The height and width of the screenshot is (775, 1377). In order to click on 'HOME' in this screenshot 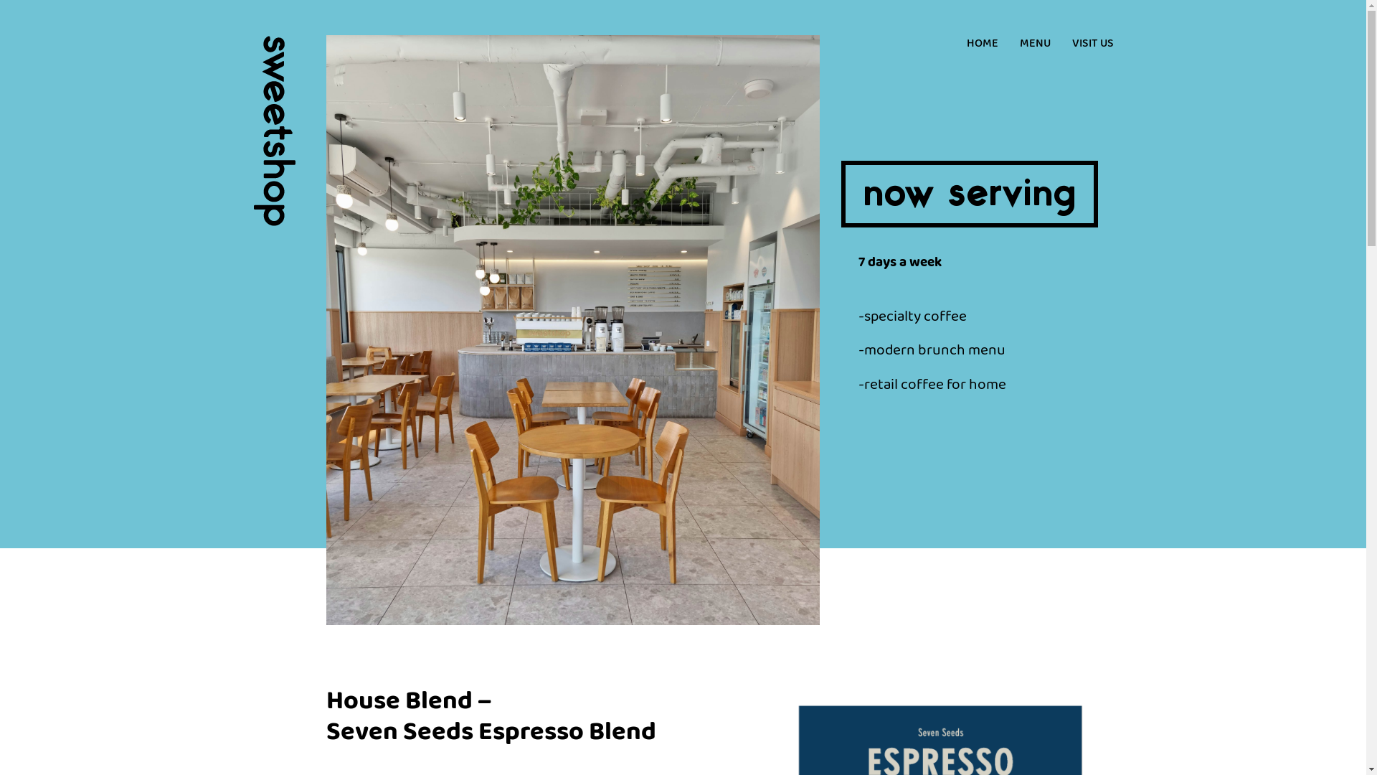, I will do `click(981, 43)`.